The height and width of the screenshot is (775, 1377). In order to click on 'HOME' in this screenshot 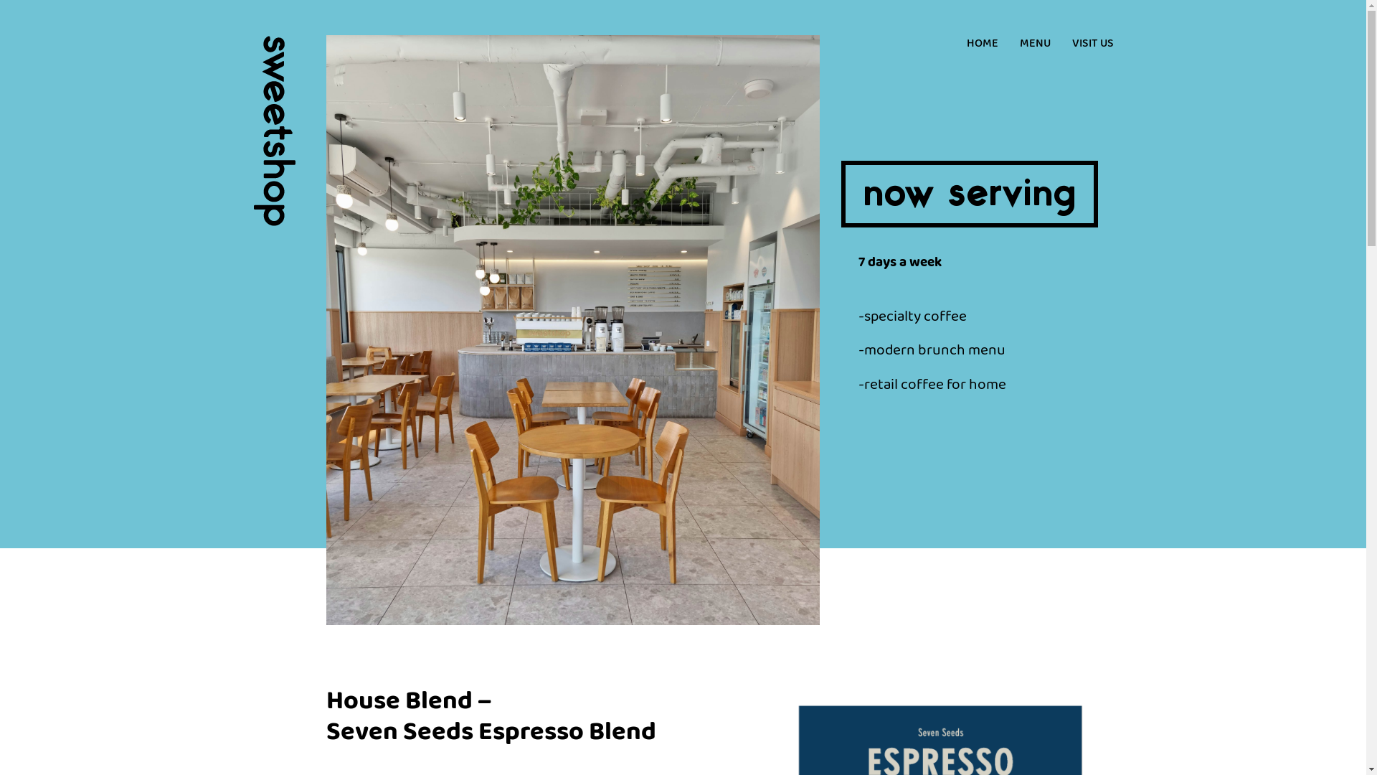, I will do `click(981, 43)`.